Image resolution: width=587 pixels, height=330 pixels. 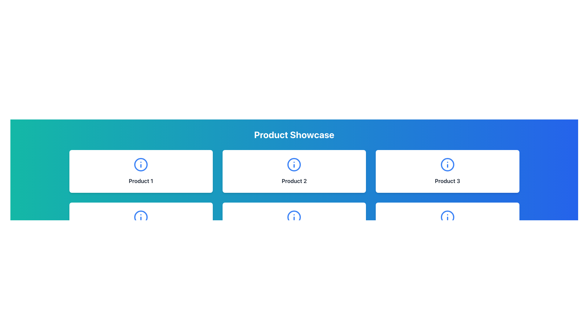 What do you see at coordinates (447, 217) in the screenshot?
I see `the Information Icon located centrally near the top of the 'Product 6' card in the second row, third column` at bounding box center [447, 217].